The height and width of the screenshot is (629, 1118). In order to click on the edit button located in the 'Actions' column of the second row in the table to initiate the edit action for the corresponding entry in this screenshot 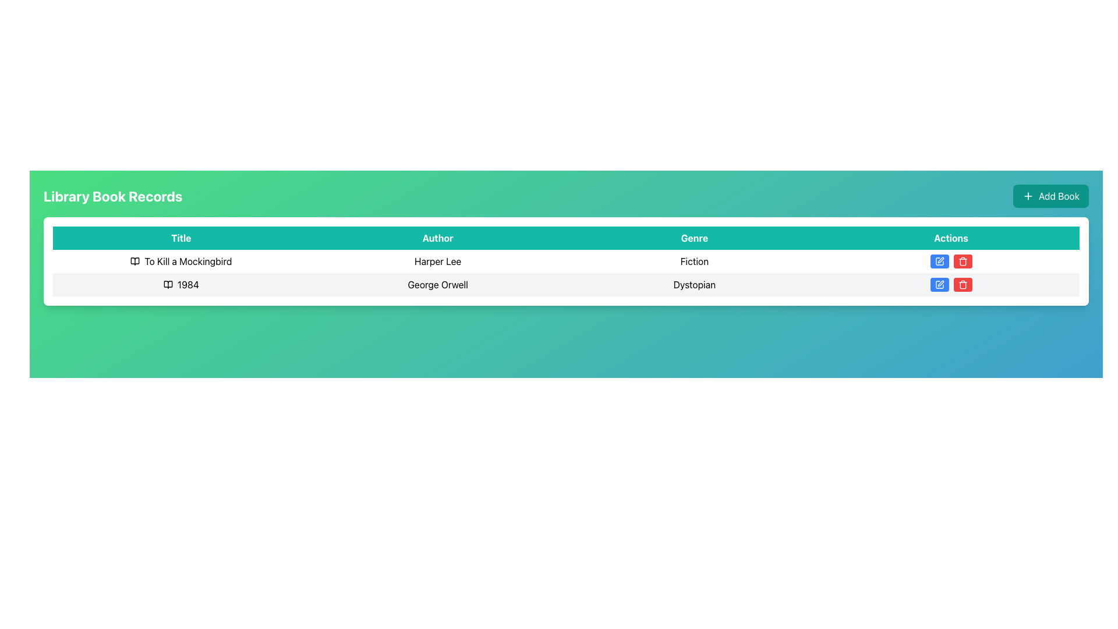, I will do `click(939, 260)`.